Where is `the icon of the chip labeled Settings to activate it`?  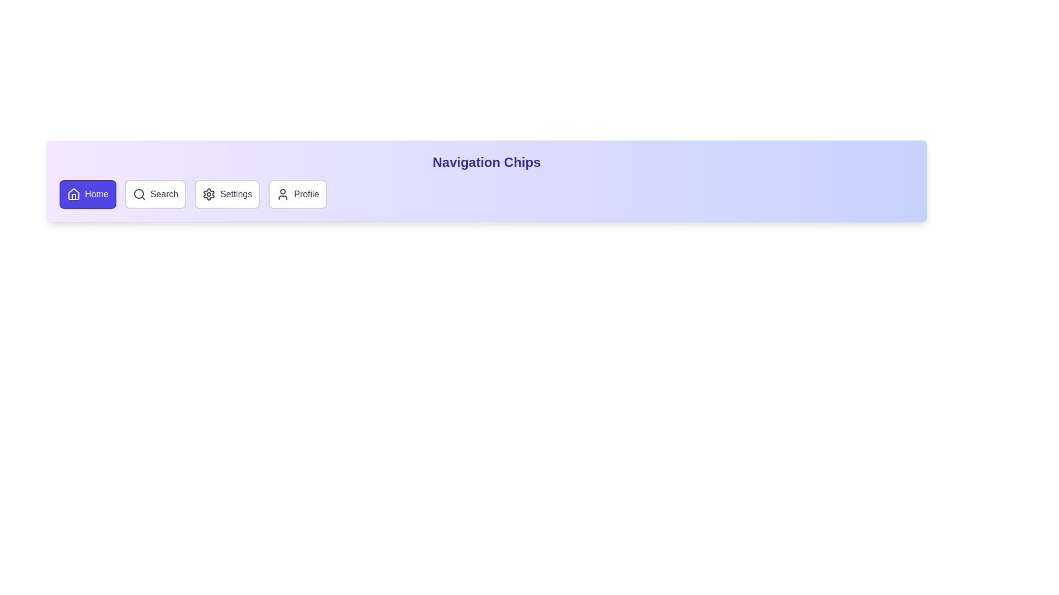
the icon of the chip labeled Settings to activate it is located at coordinates (209, 194).